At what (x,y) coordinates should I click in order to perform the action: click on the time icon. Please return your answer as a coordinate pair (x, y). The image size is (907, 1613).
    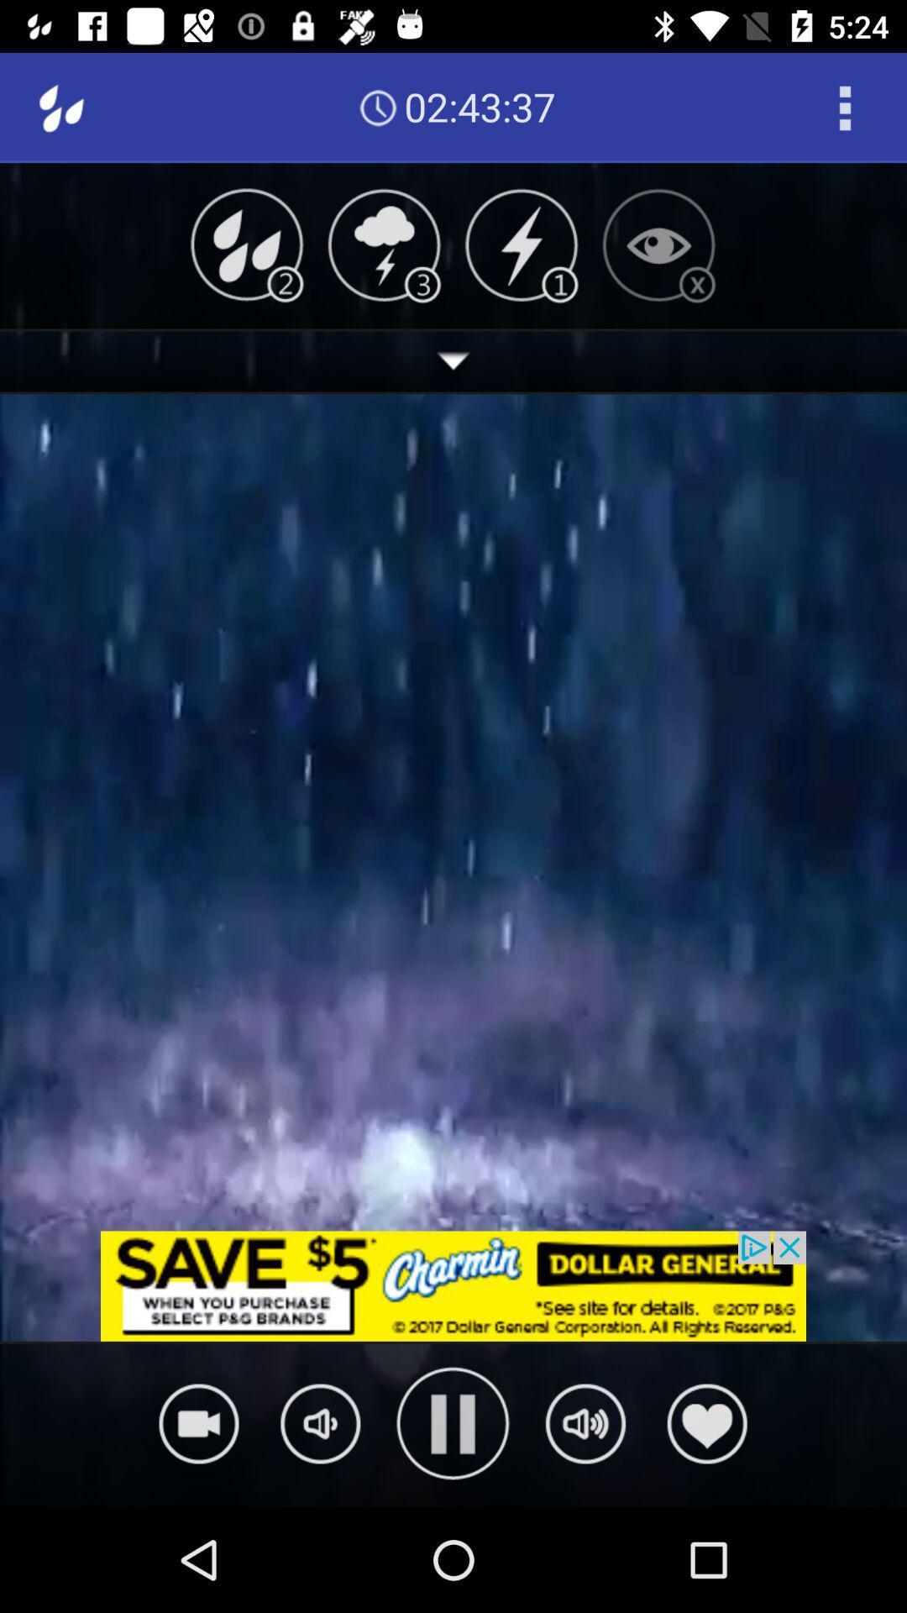
    Looking at the image, I should click on (378, 107).